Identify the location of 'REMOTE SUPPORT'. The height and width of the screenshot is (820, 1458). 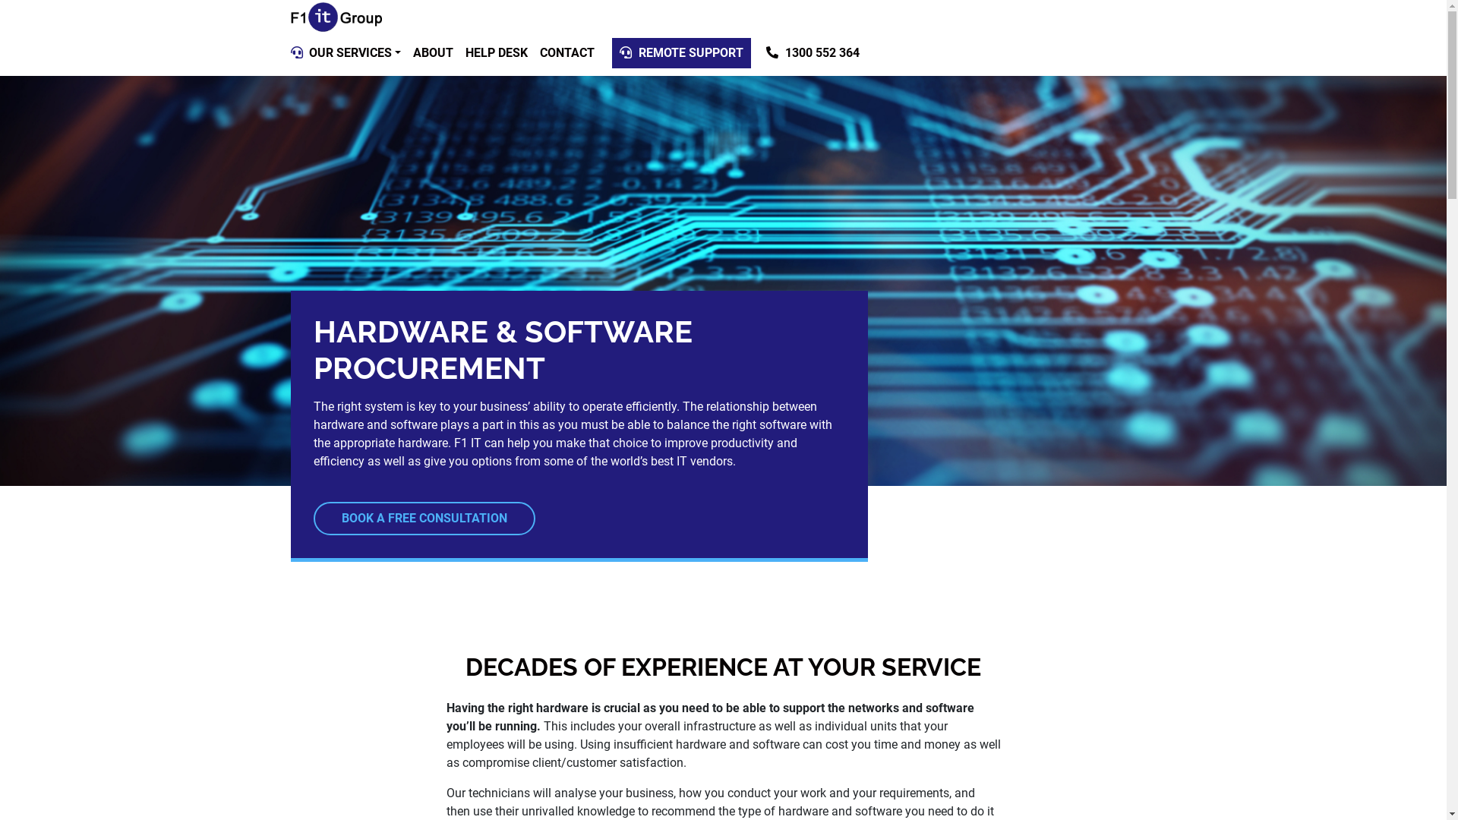
(680, 52).